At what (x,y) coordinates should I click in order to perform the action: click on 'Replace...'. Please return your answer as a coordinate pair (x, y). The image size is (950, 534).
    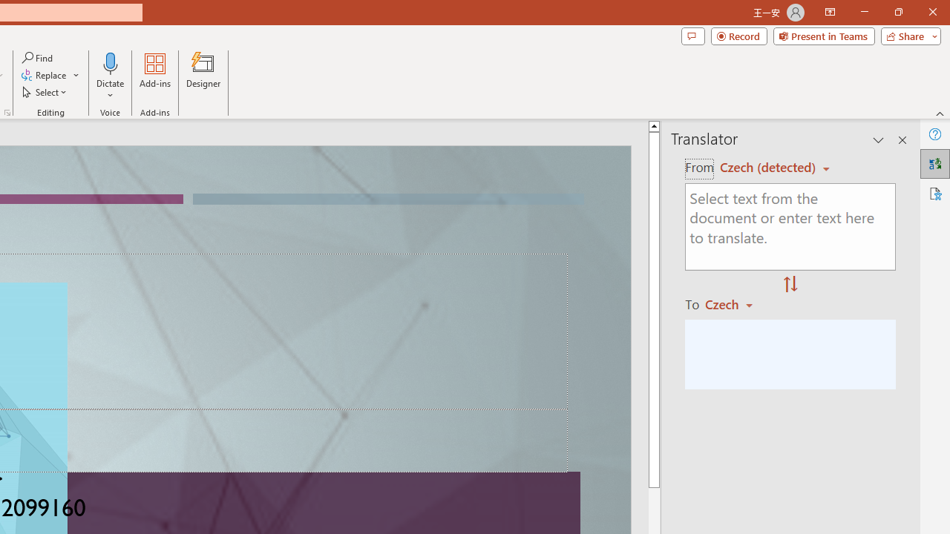
    Looking at the image, I should click on (51, 75).